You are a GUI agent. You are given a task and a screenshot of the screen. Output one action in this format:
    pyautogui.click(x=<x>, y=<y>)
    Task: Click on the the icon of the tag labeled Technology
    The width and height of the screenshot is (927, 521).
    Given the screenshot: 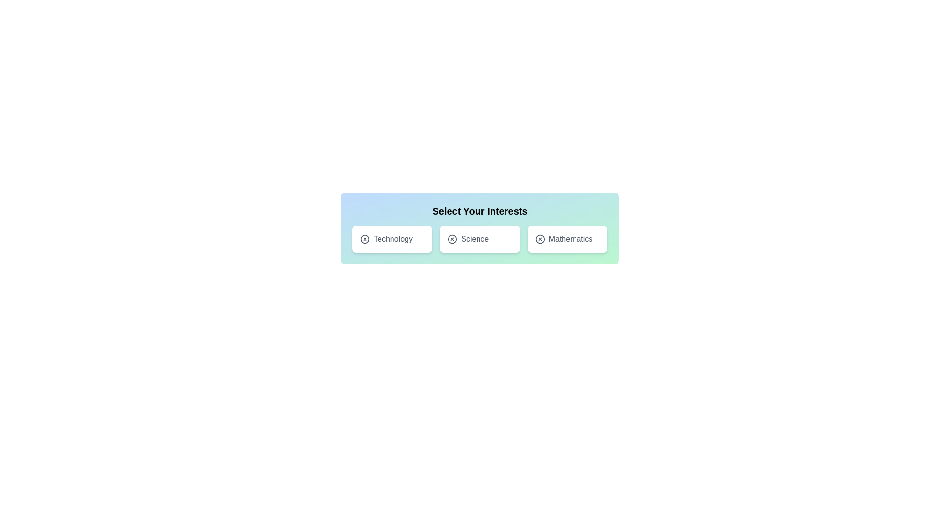 What is the action you would take?
    pyautogui.click(x=364, y=239)
    